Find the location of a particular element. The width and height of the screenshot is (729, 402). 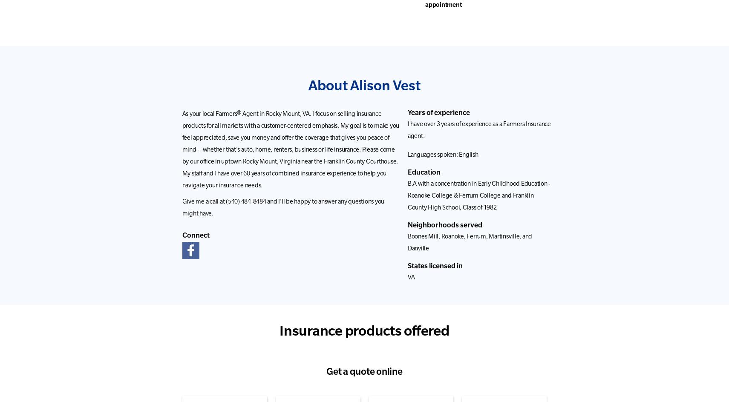

'© 2023' is located at coordinates (354, 380).